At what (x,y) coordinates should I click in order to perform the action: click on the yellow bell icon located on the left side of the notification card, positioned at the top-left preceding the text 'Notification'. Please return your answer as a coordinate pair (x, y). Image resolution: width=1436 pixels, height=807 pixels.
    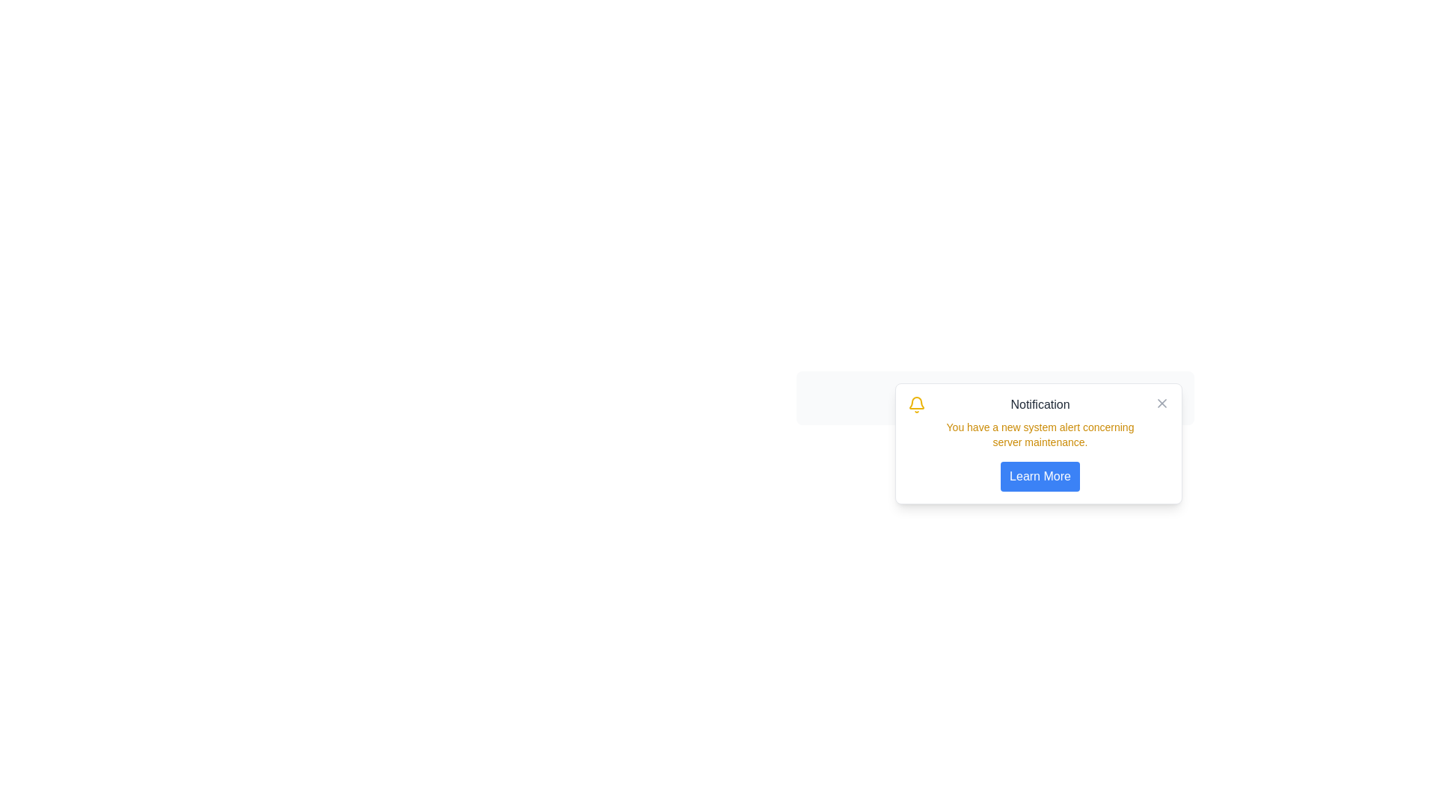
    Looking at the image, I should click on (915, 405).